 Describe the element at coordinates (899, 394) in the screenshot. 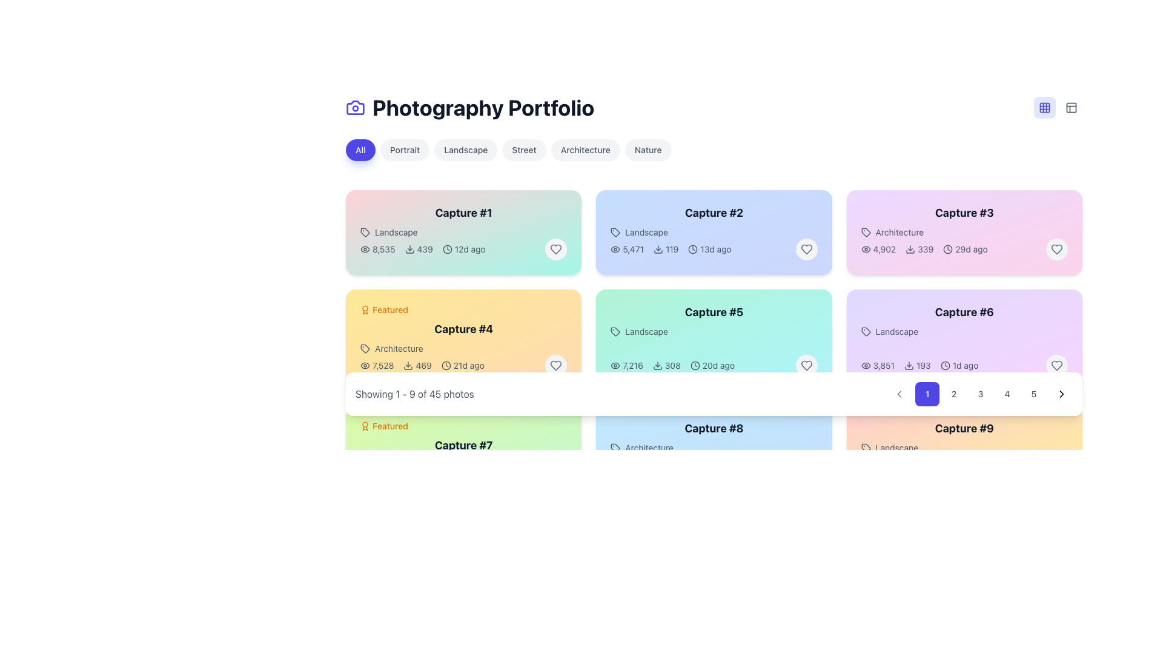

I see `the left-facing chevron icon button, which is styled in a grayish color and located in the pagination bar at the bottom of the interface, to the left of the numerical page selections` at that location.